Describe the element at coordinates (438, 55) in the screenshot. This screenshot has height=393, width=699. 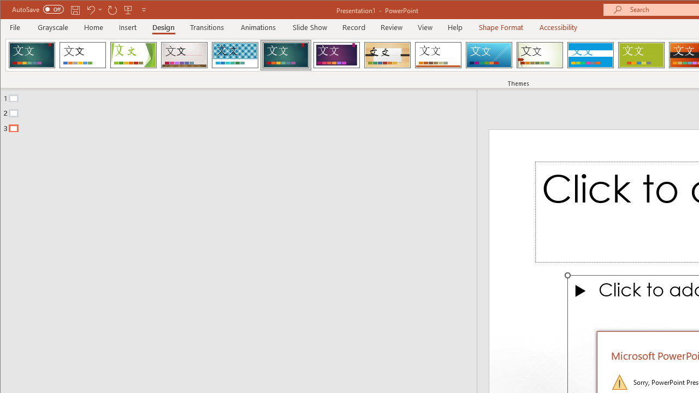
I see `'Retrospect'` at that location.